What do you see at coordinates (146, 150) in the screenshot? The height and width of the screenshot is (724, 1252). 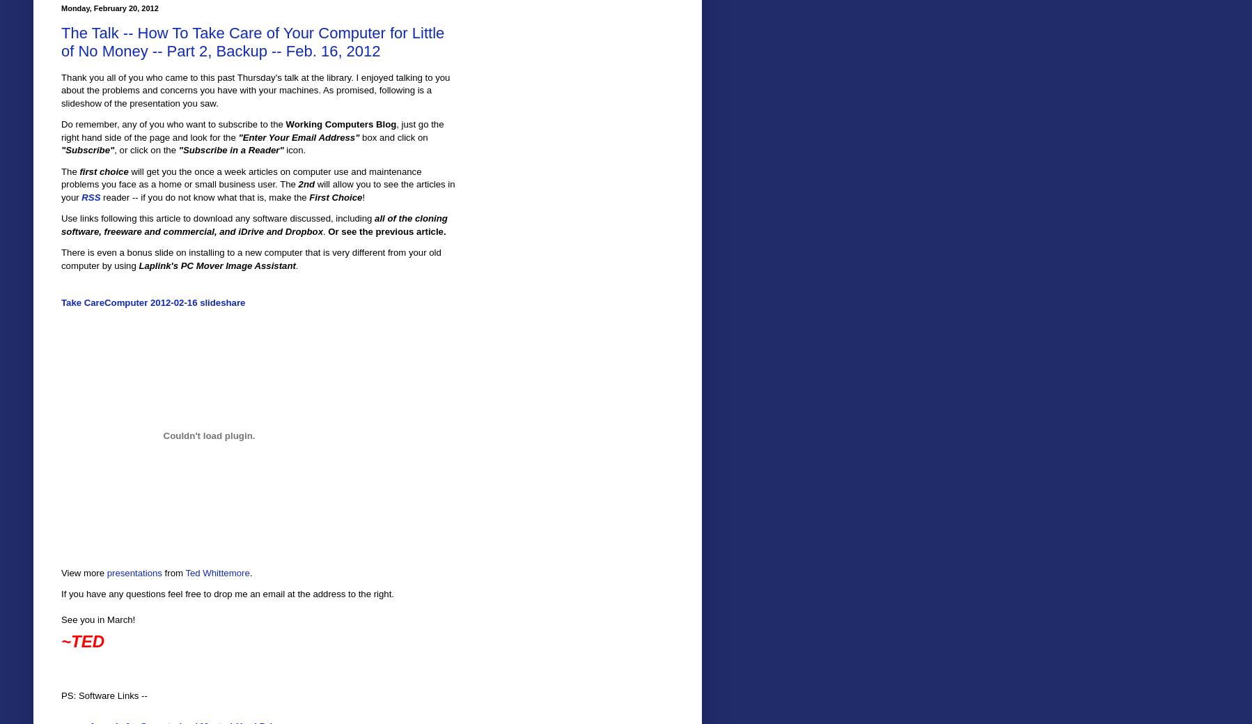 I see `', or click on the'` at bounding box center [146, 150].